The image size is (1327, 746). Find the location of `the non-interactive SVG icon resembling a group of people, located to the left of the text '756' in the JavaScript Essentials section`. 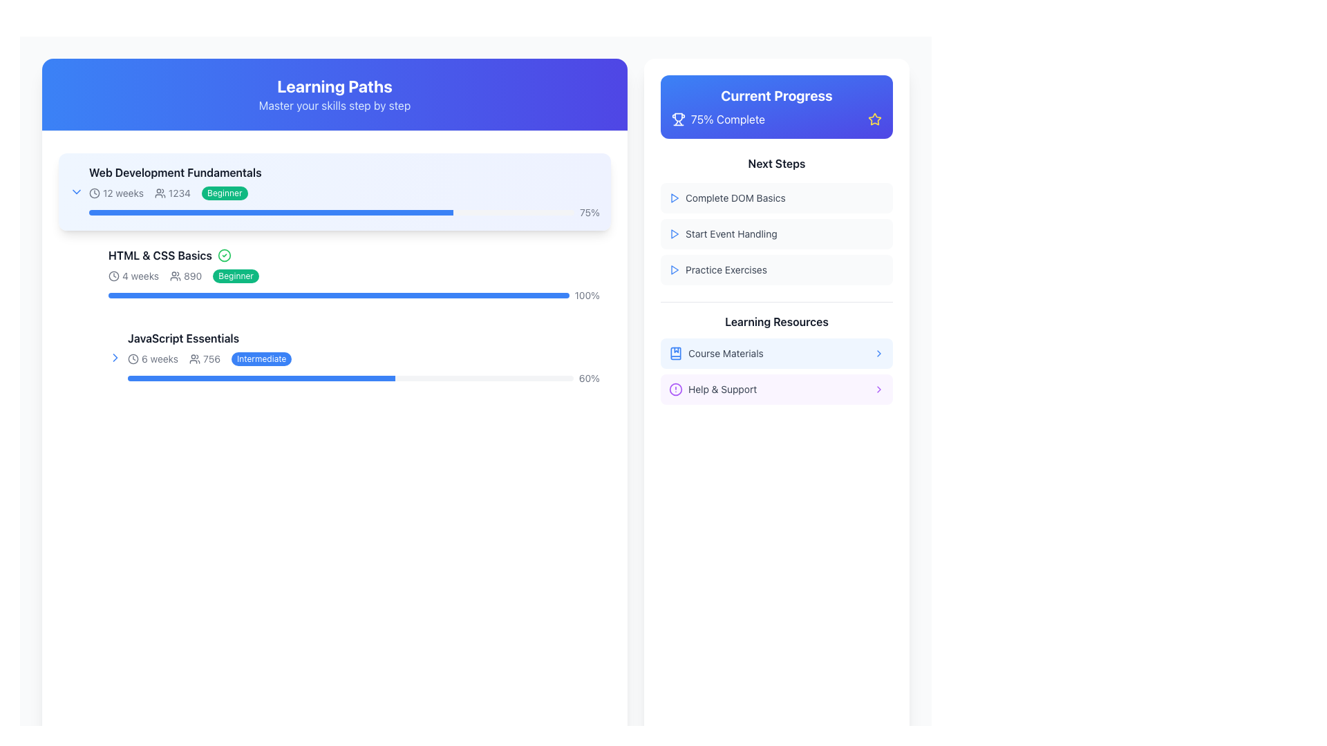

the non-interactive SVG icon resembling a group of people, located to the left of the text '756' in the JavaScript Essentials section is located at coordinates (194, 358).